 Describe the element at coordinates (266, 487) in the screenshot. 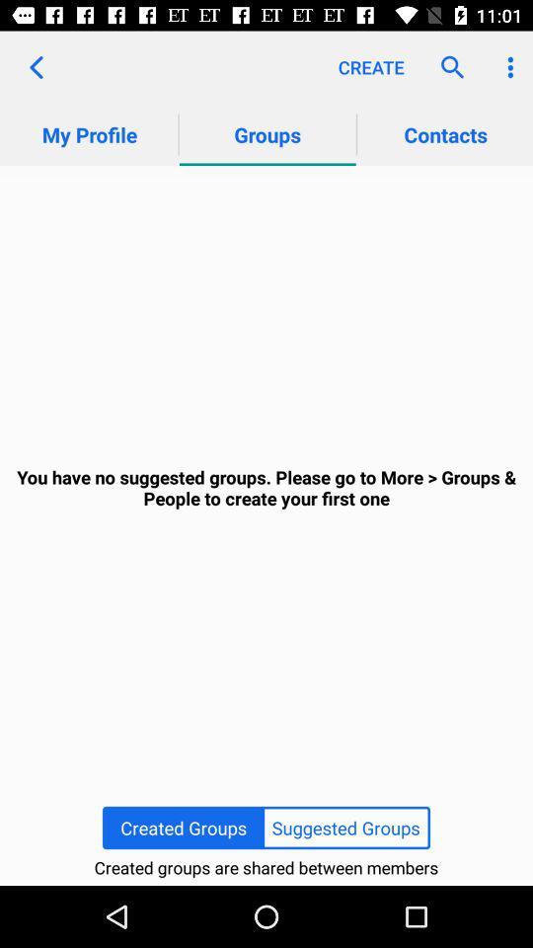

I see `item below my profile item` at that location.